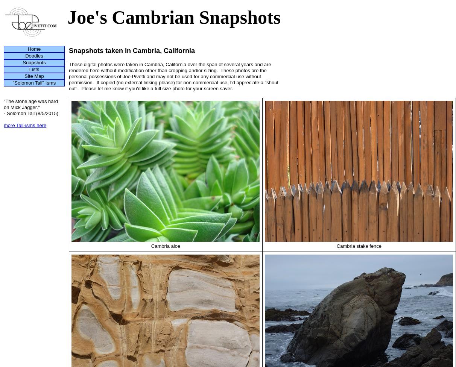  Describe the element at coordinates (34, 76) in the screenshot. I see `'Site Map'` at that location.